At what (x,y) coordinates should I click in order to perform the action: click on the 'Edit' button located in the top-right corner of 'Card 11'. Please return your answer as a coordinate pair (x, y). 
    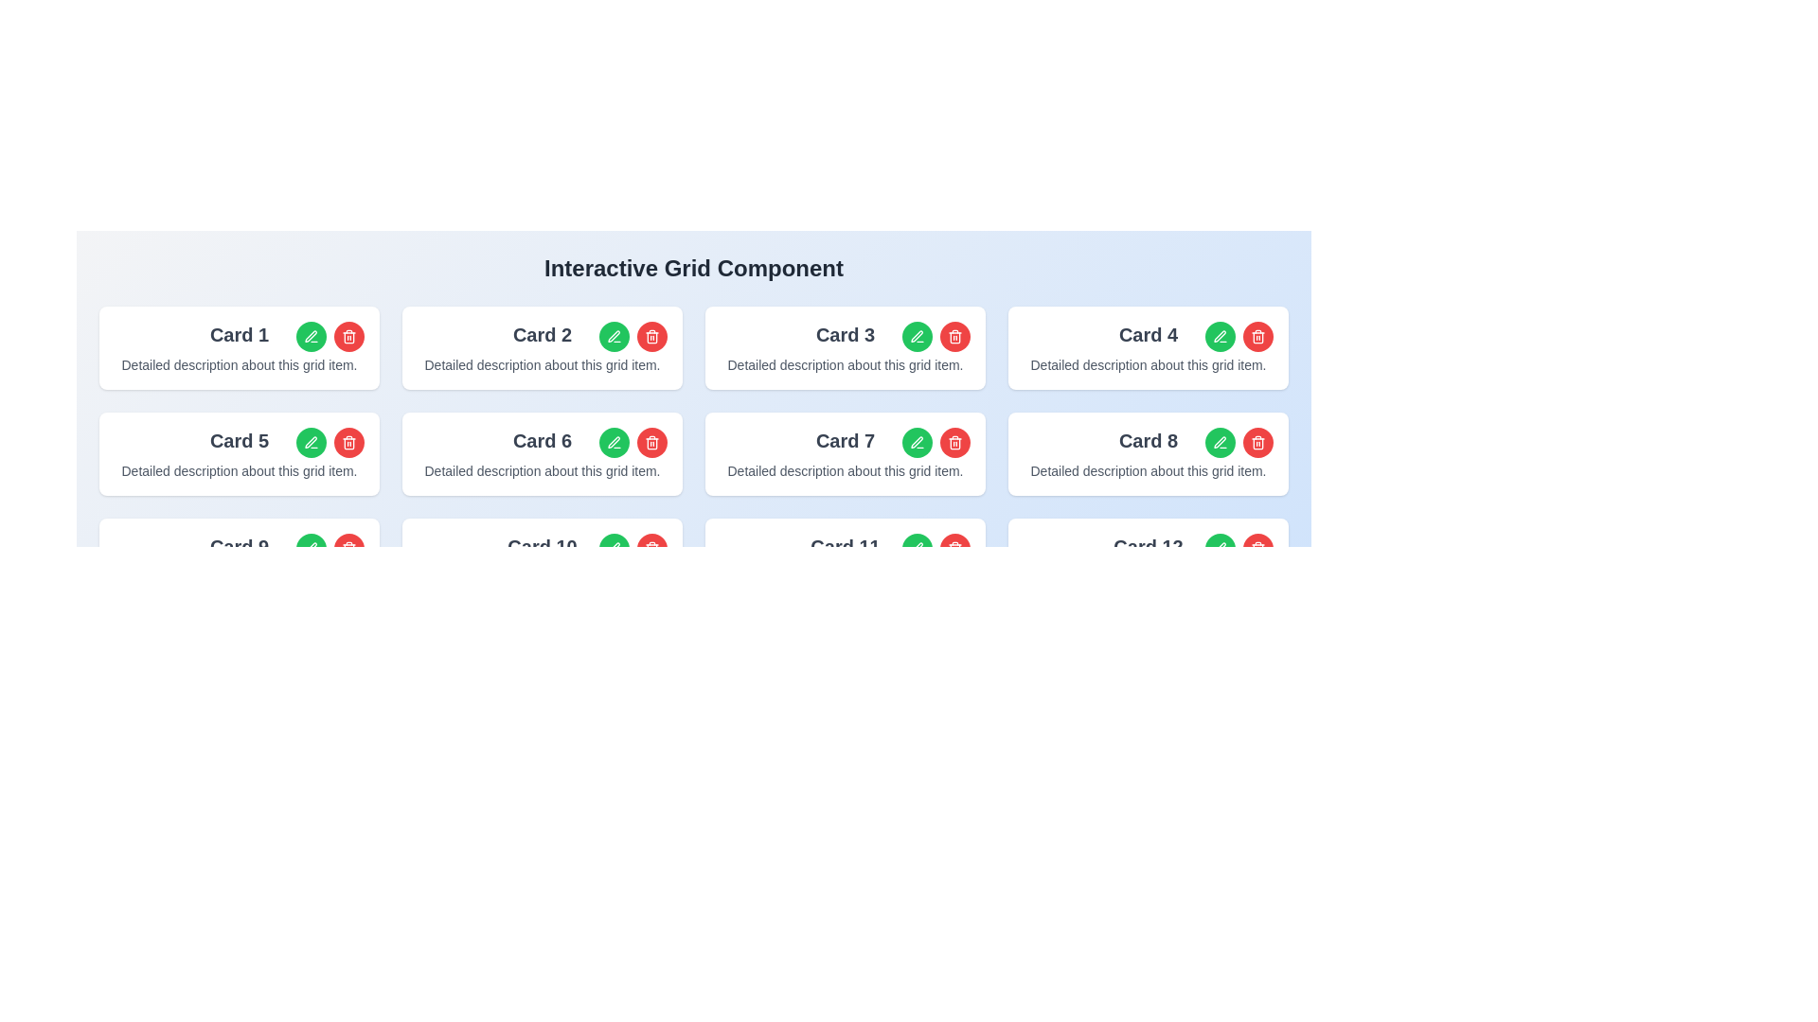
    Looking at the image, I should click on (918, 548).